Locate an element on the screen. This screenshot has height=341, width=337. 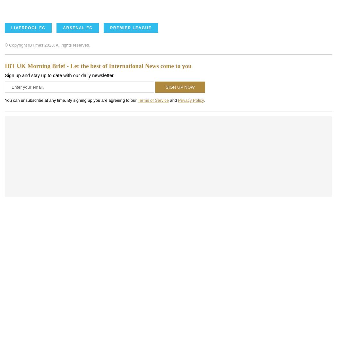
'© Copyright IBTimes 2023. All rights reserved.' is located at coordinates (47, 45).